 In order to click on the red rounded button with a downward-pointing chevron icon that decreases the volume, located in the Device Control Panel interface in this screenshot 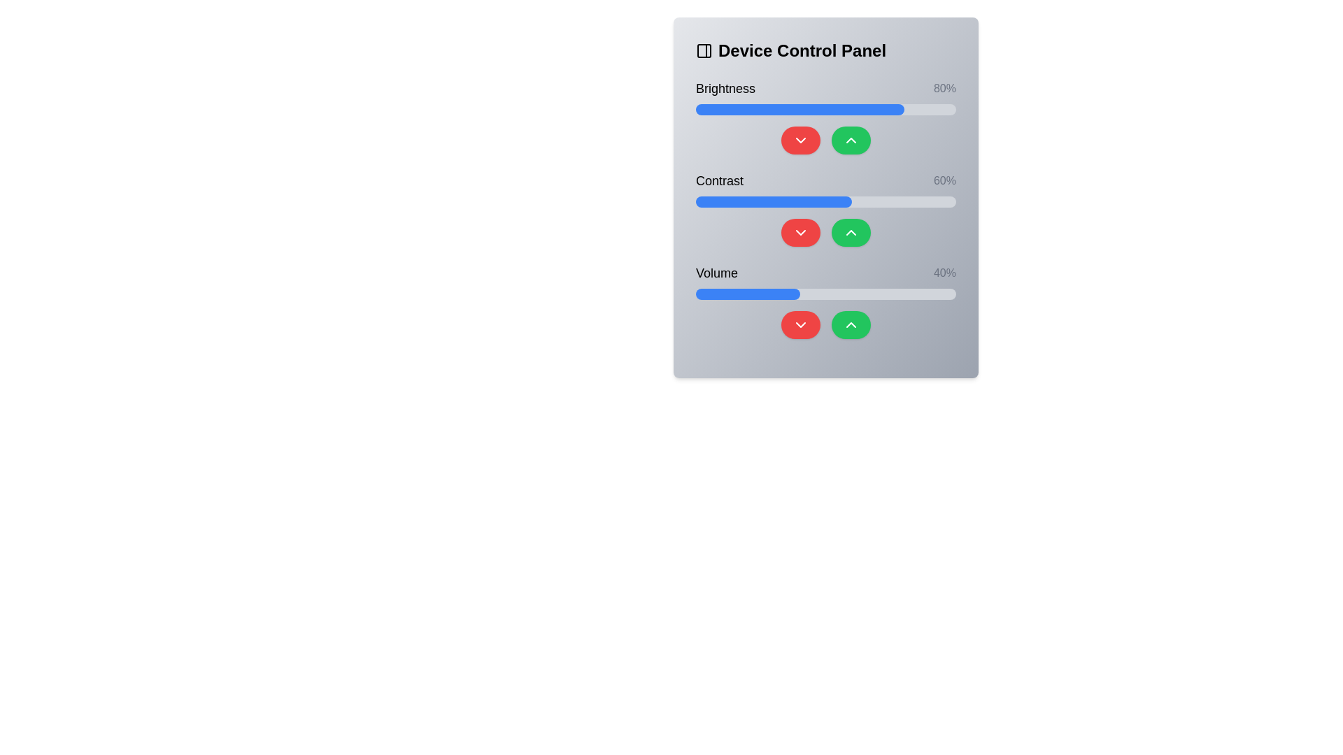, I will do `click(801, 325)`.